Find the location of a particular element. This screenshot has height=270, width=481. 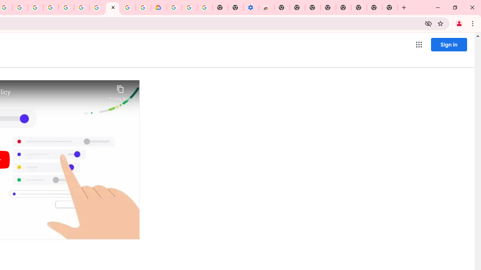

'Settings - Accessibility' is located at coordinates (251, 7).